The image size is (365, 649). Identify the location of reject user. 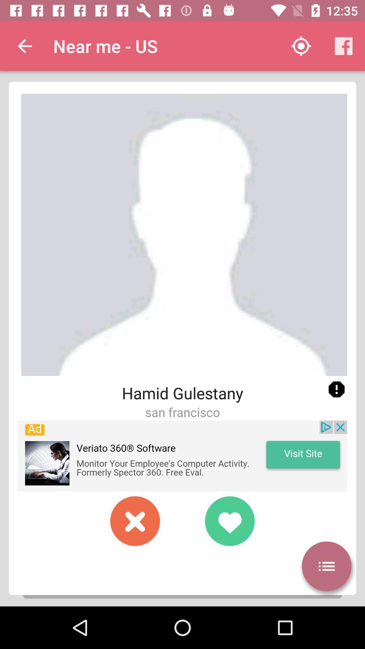
(135, 521).